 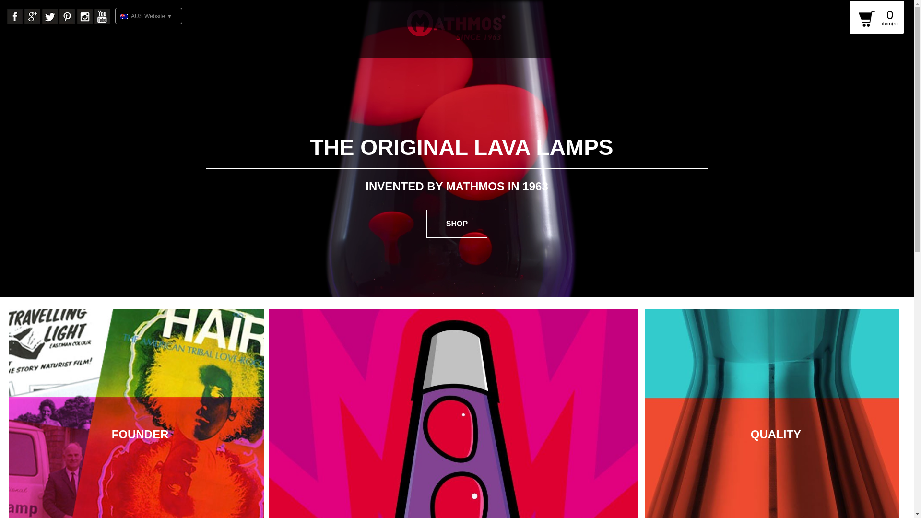 What do you see at coordinates (456, 224) in the screenshot?
I see `'SHOP'` at bounding box center [456, 224].